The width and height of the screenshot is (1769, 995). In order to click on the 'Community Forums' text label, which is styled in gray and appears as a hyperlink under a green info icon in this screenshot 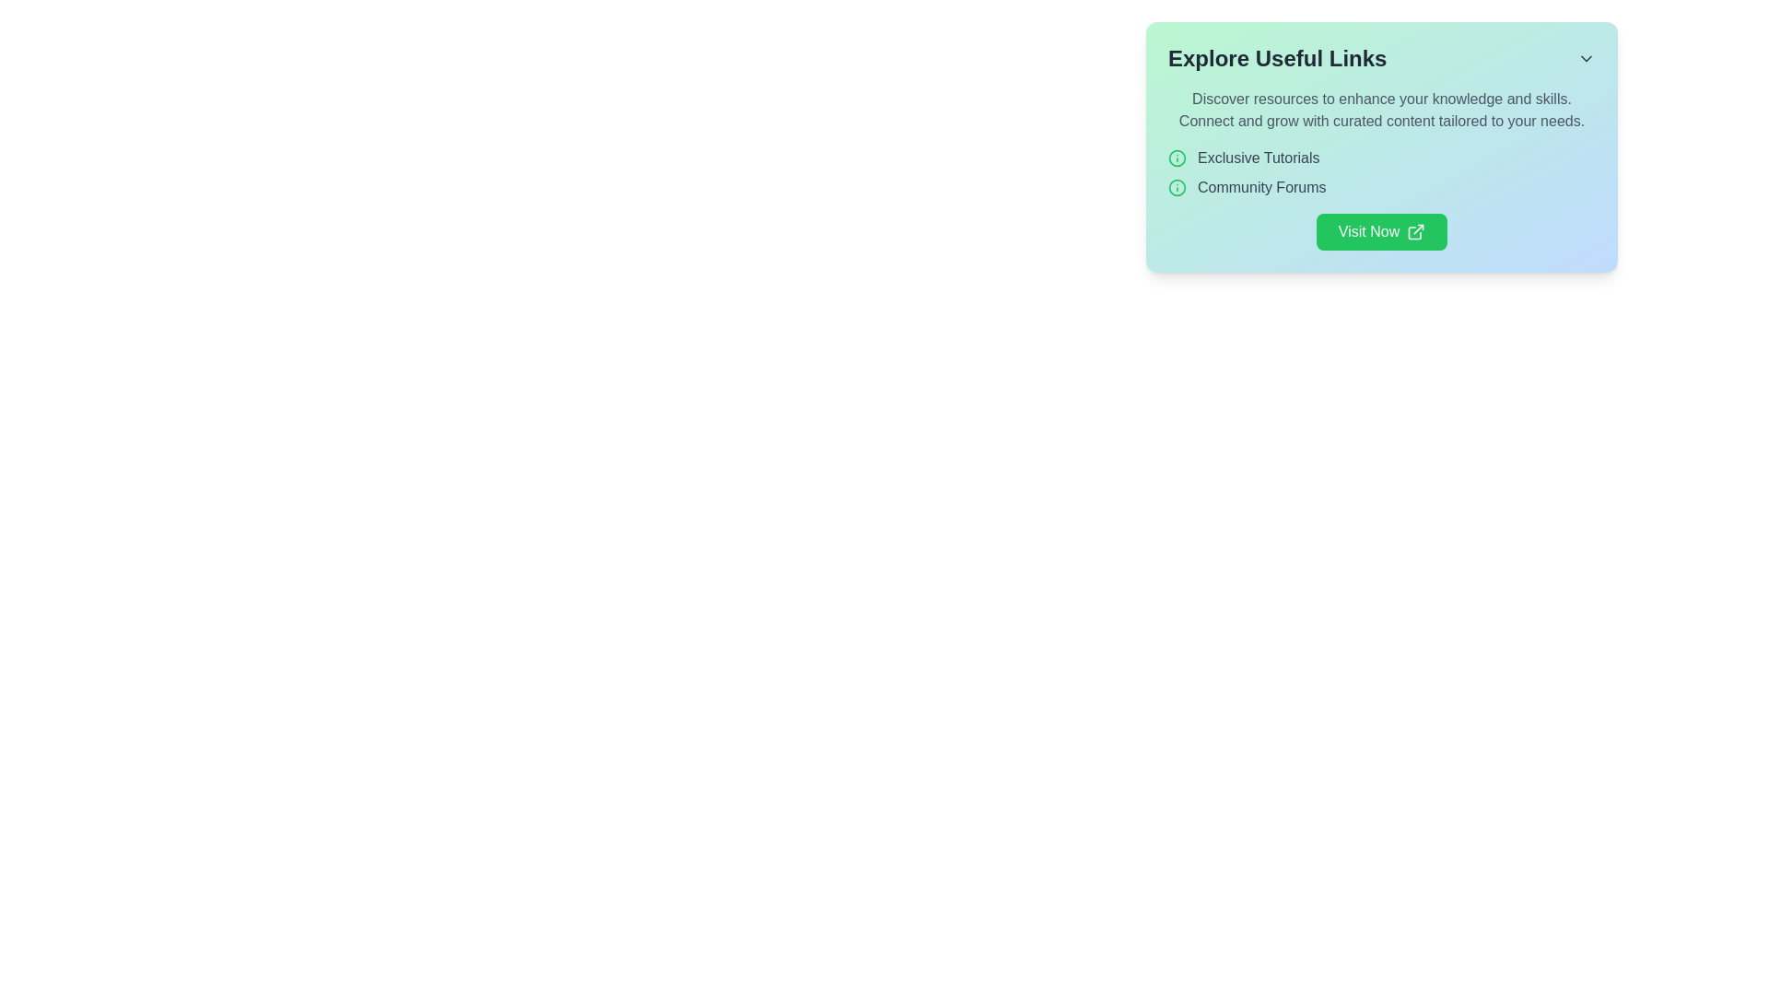, I will do `click(1260, 188)`.